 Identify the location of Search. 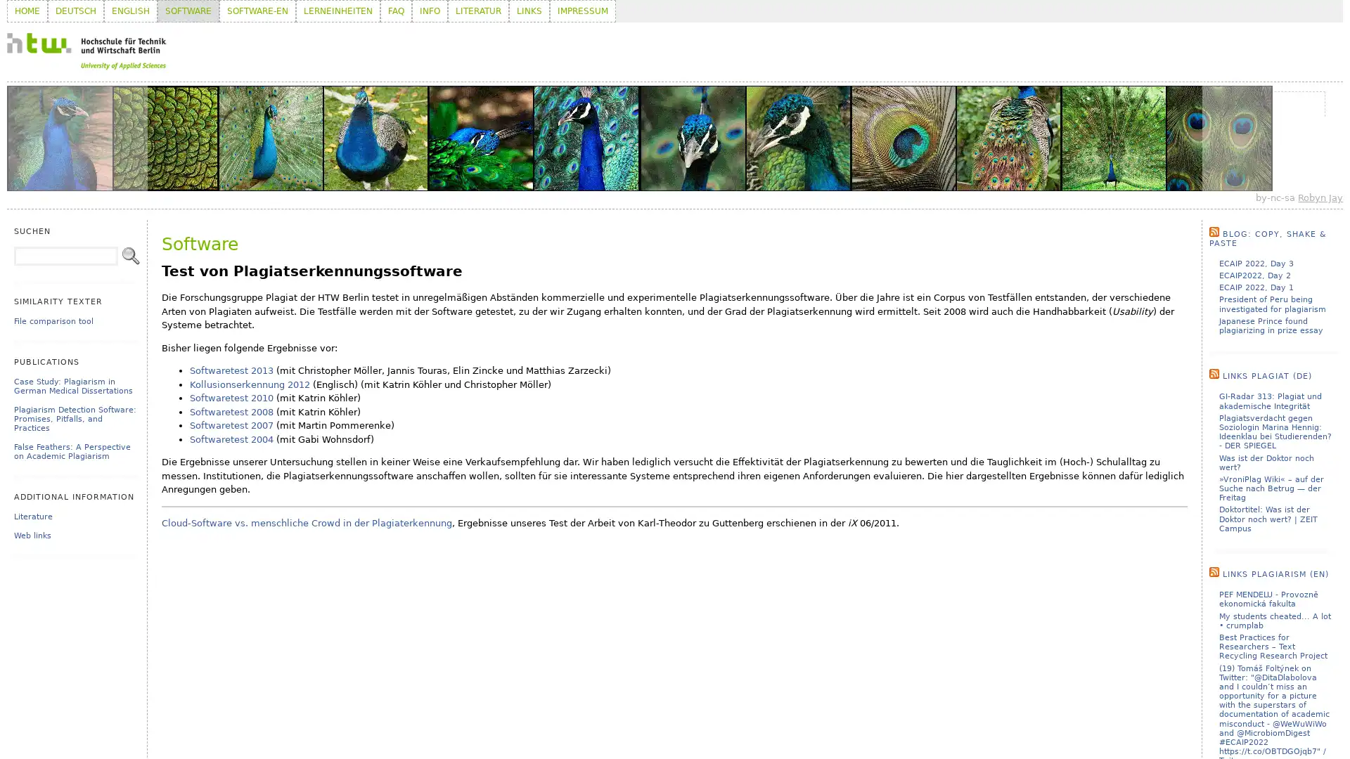
(128, 255).